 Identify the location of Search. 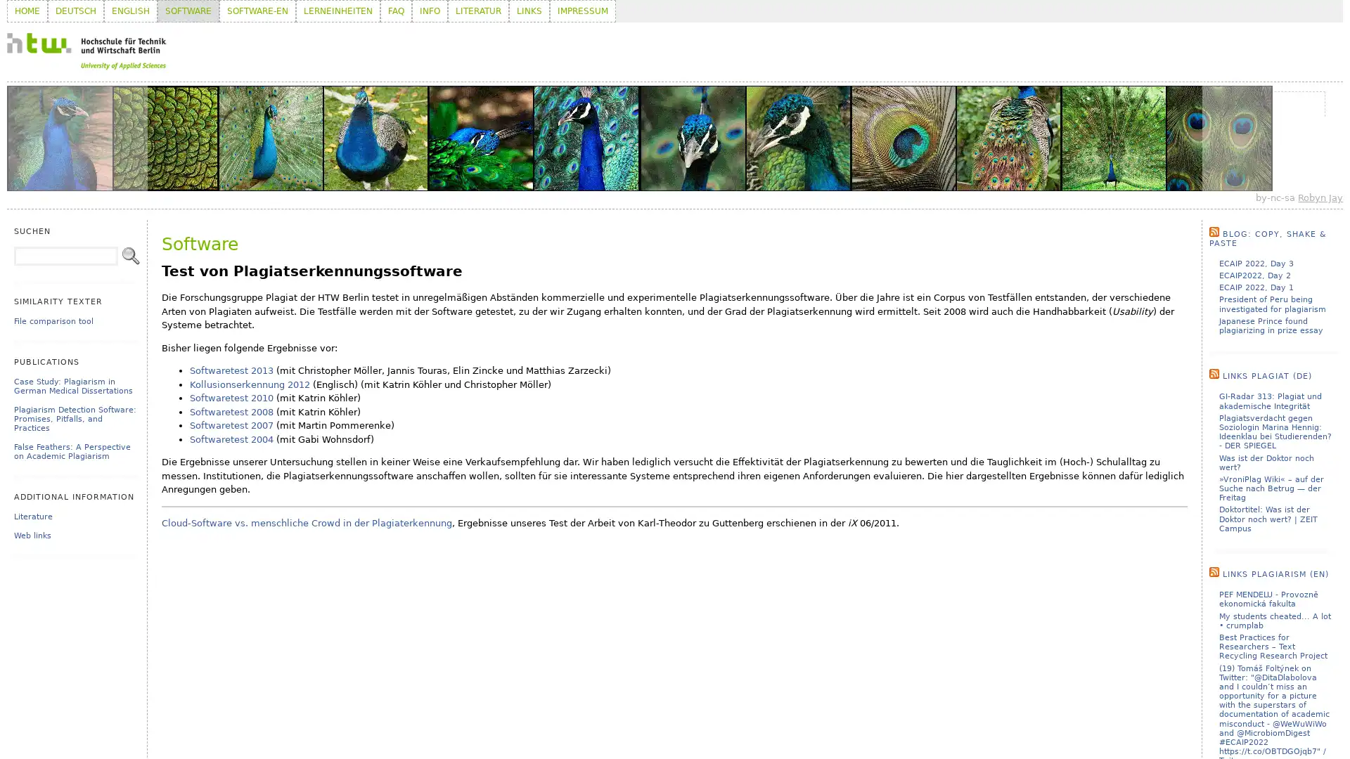
(128, 255).